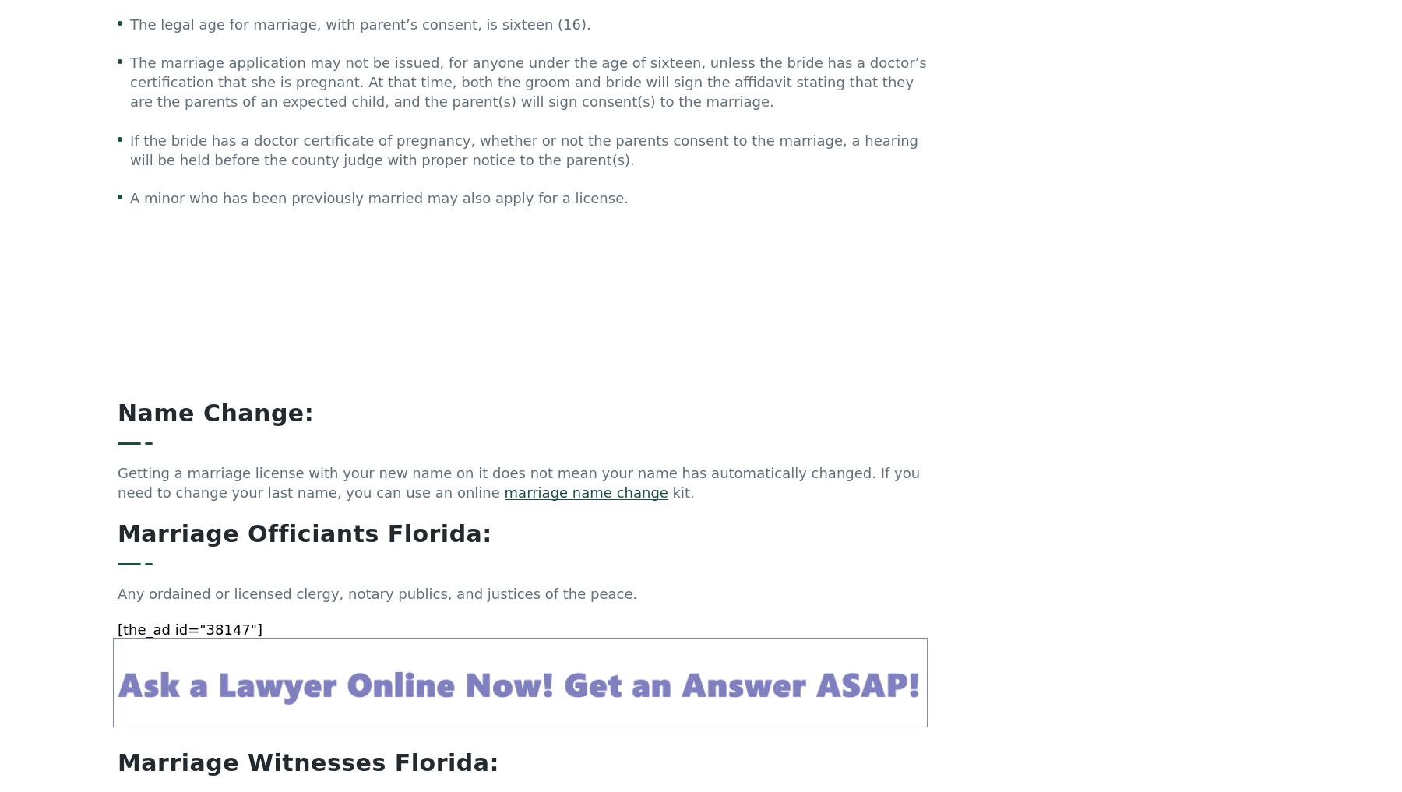  I want to click on 'marriage name change', so click(585, 188).